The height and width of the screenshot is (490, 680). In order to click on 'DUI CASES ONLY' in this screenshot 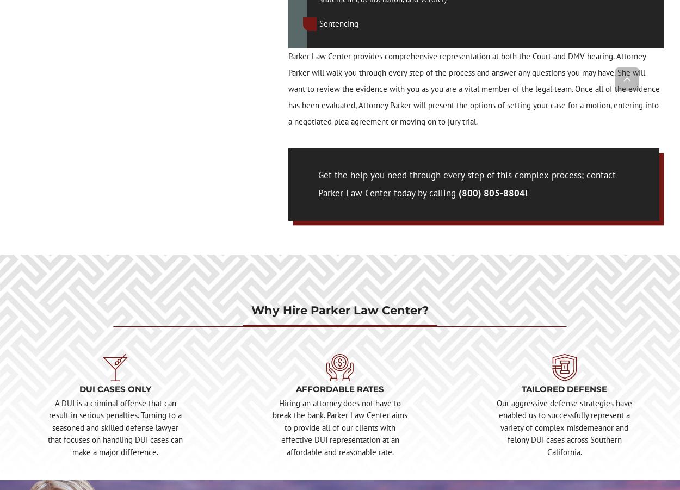, I will do `click(115, 388)`.